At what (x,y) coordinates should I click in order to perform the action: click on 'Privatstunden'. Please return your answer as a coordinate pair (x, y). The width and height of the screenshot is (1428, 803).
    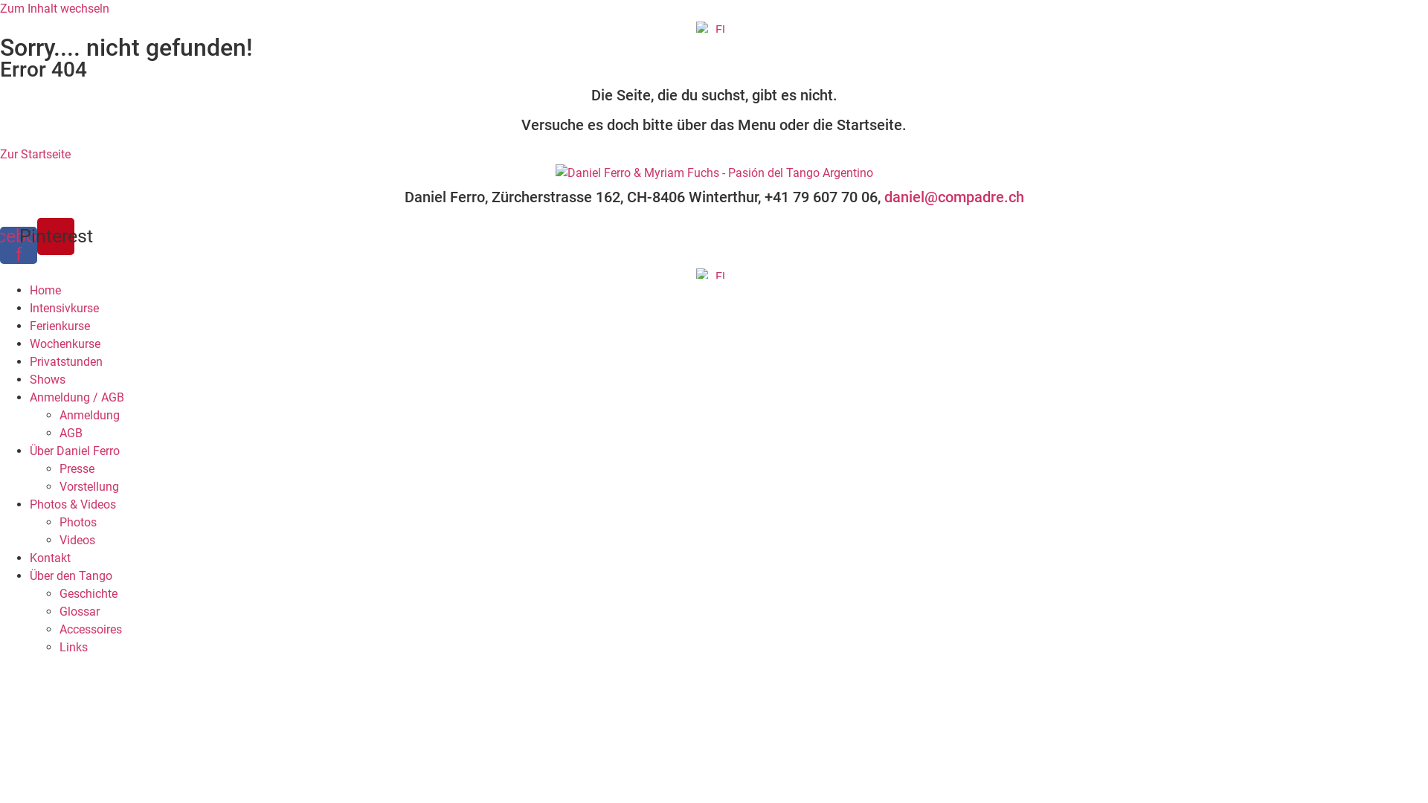
    Looking at the image, I should click on (65, 361).